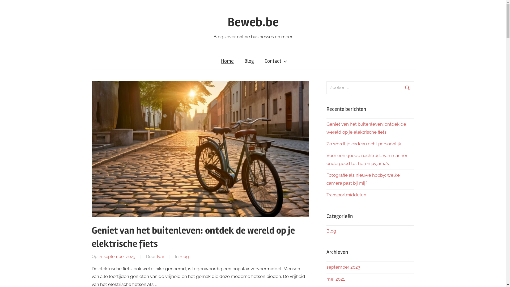 This screenshot has width=510, height=287. What do you see at coordinates (215, 61) in the screenshot?
I see `'Home'` at bounding box center [215, 61].